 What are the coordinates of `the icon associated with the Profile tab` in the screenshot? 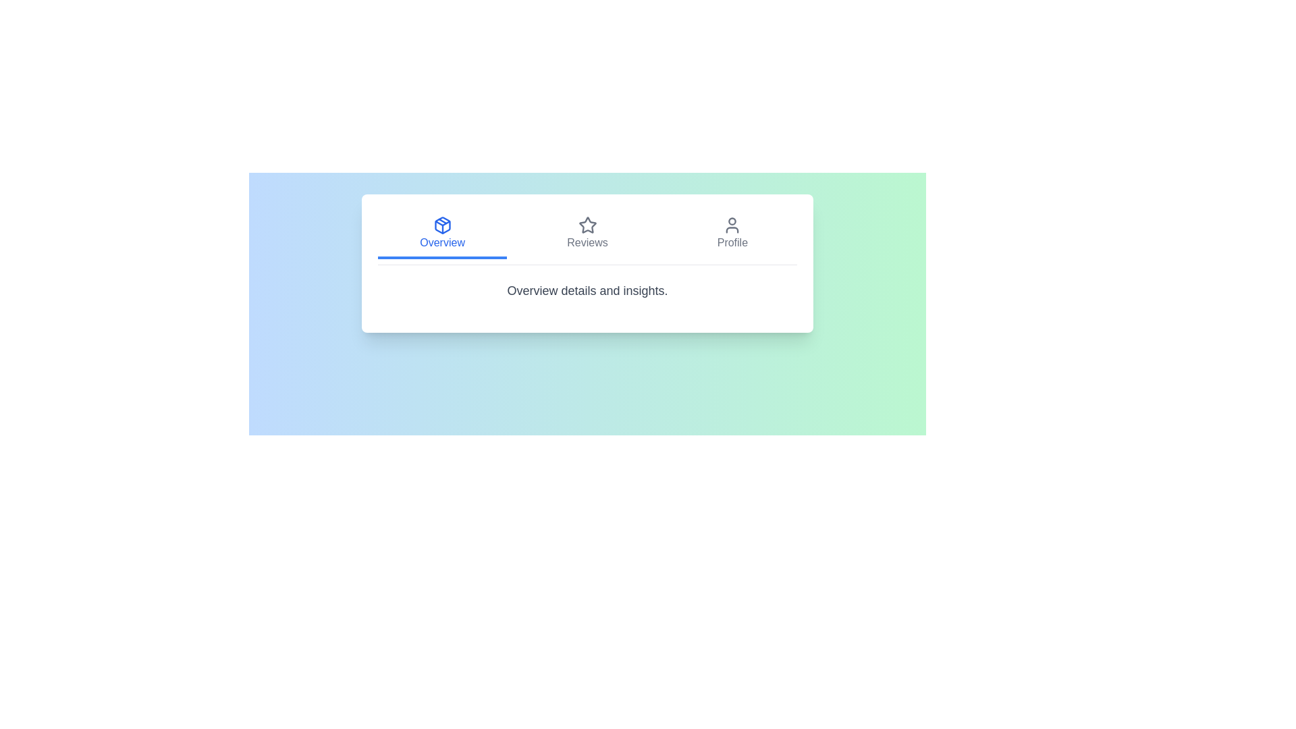 It's located at (732, 225).